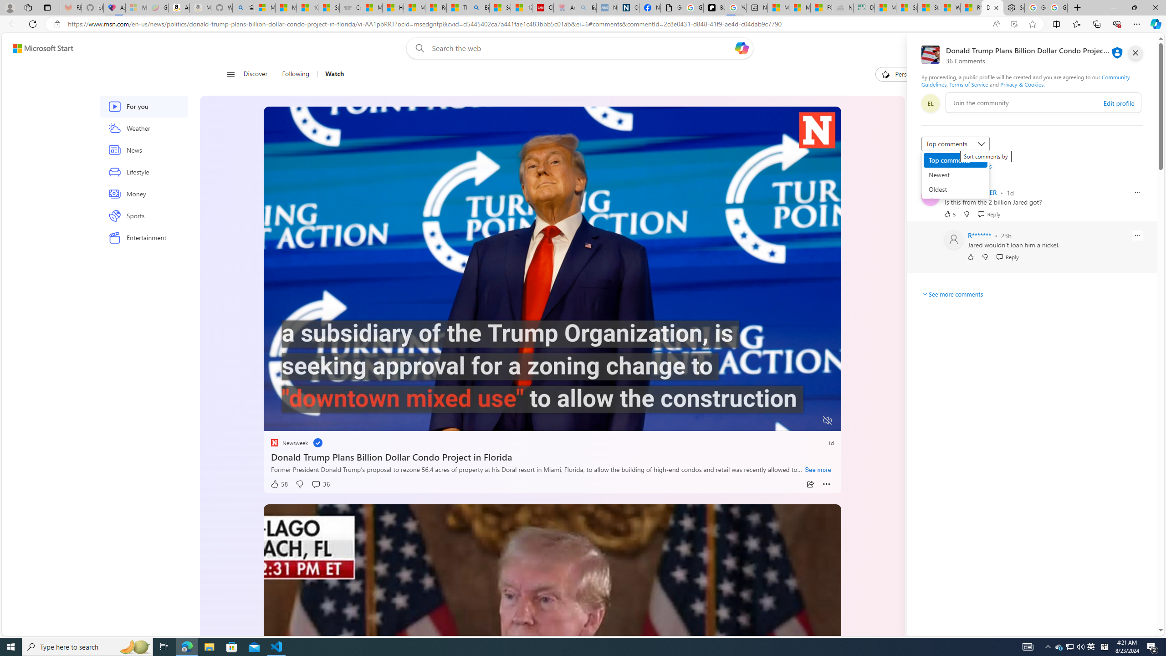  Describe the element at coordinates (295, 420) in the screenshot. I see `'Seek Back'` at that location.